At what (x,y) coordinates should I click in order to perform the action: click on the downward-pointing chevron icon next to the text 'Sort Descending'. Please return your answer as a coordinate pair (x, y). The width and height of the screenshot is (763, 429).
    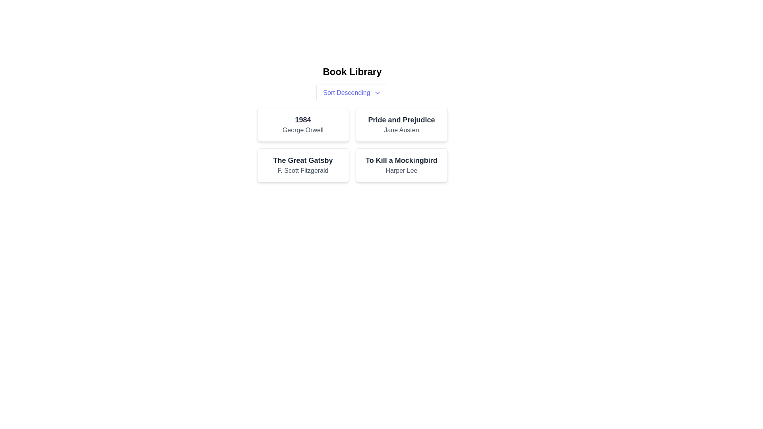
    Looking at the image, I should click on (377, 93).